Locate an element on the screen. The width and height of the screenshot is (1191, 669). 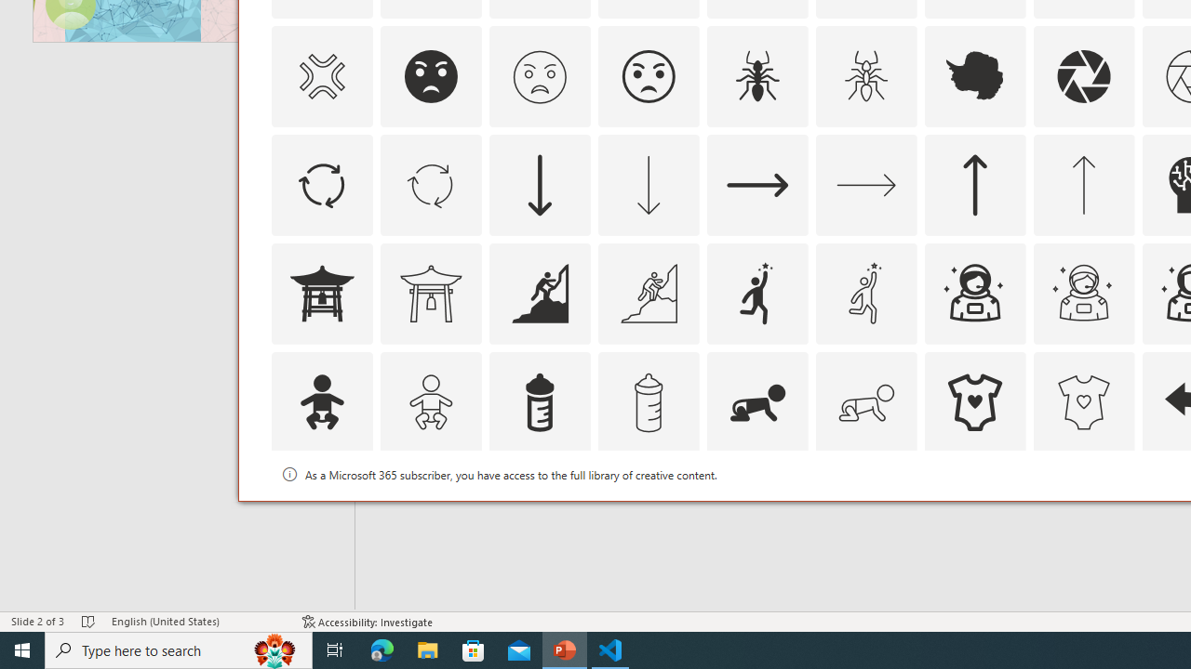
'AutomationID: Icons_BabyOnesie' is located at coordinates (974, 400).